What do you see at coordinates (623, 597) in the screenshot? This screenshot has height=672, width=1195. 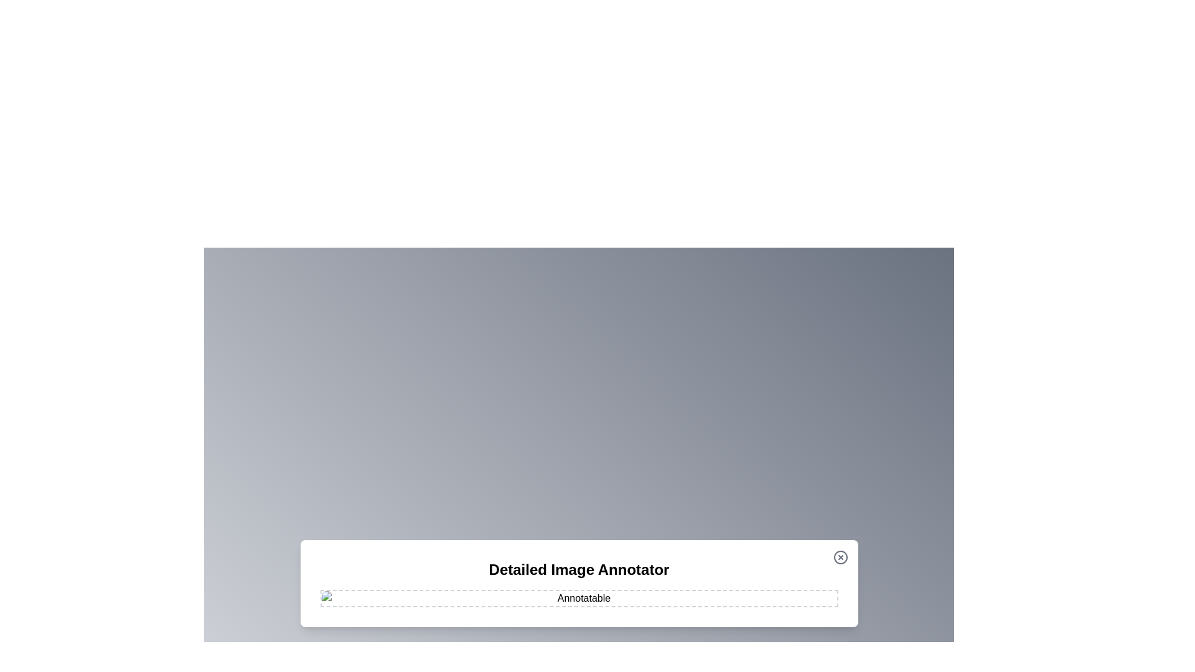 I see `the image at coordinates (1001, 962) to add an annotation` at bounding box center [623, 597].